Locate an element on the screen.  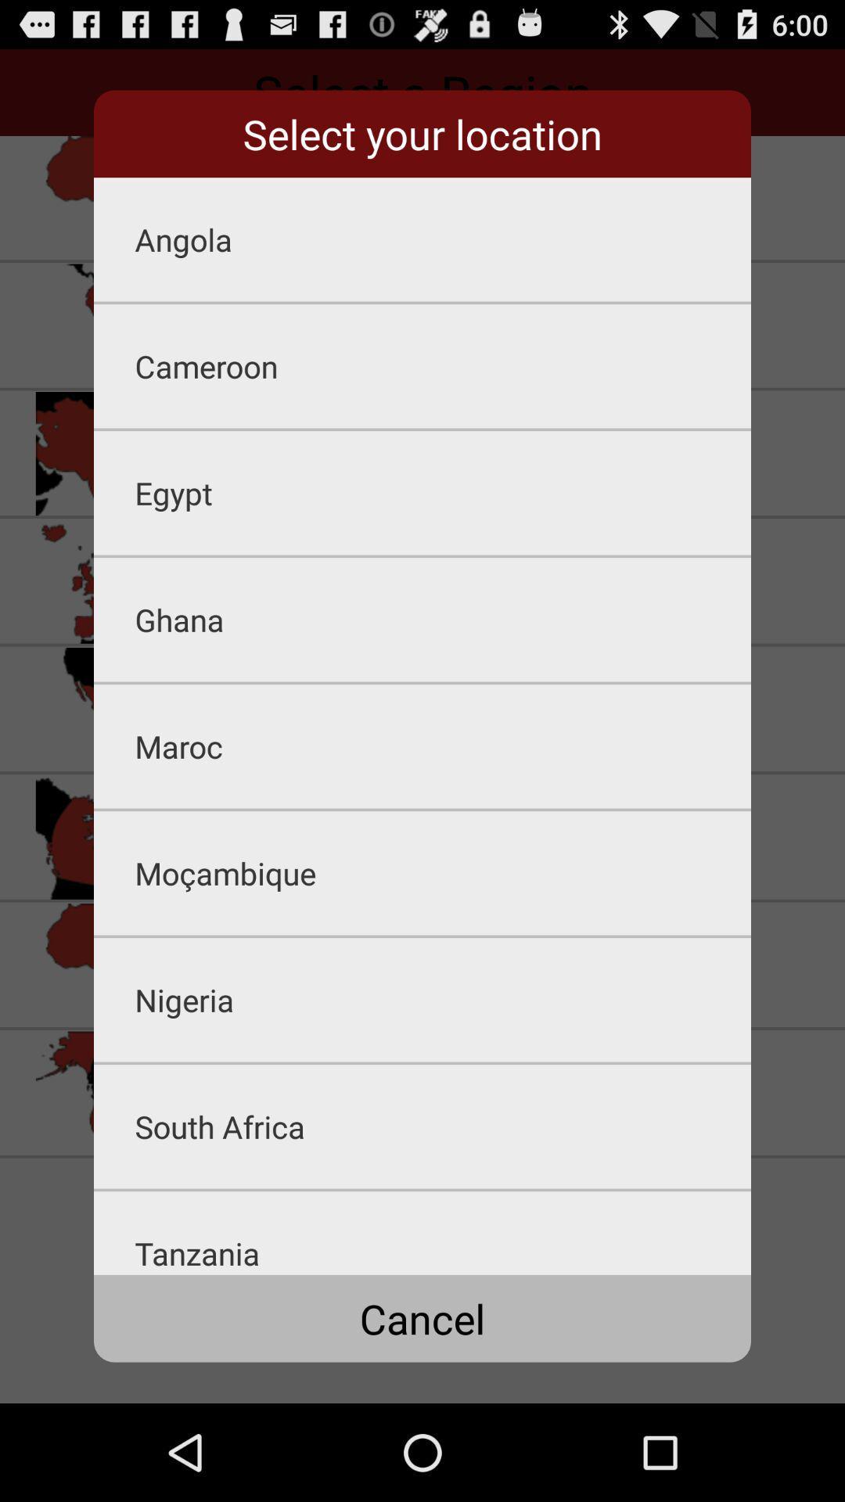
angola icon is located at coordinates (443, 239).